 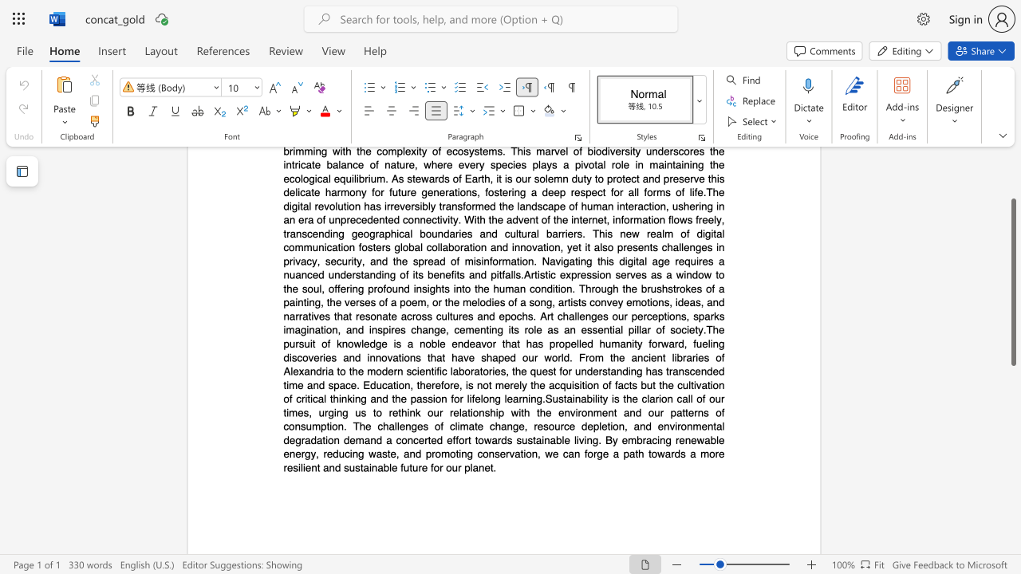 I want to click on the scrollbar to adjust the page downward, so click(x=1012, y=421).